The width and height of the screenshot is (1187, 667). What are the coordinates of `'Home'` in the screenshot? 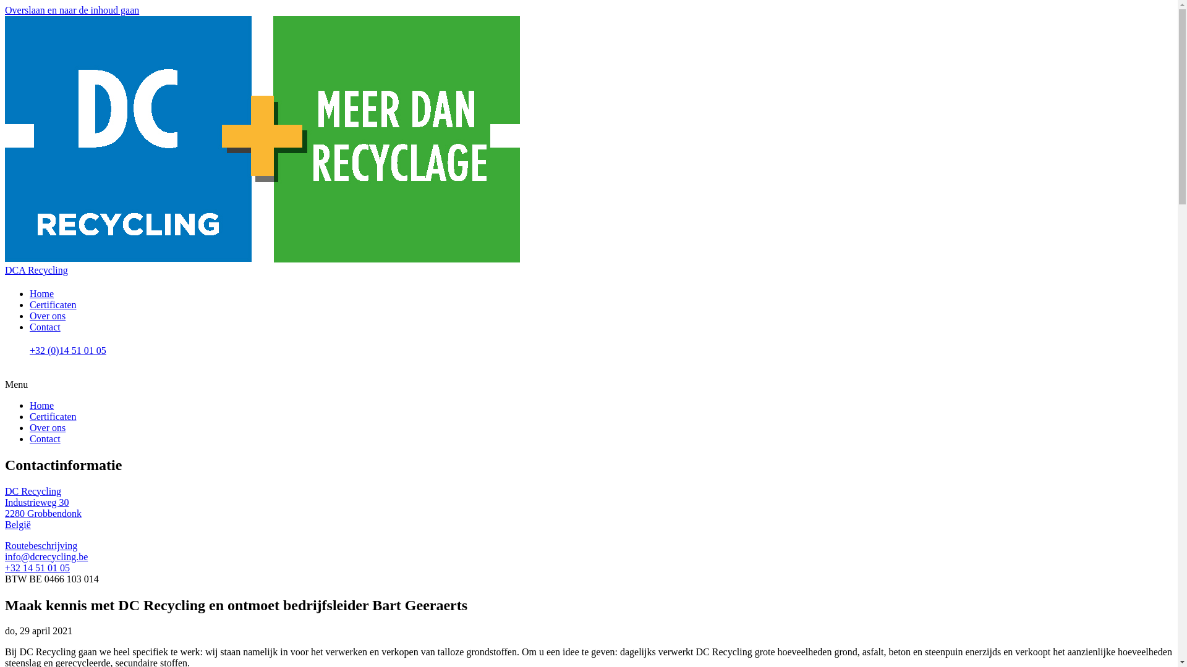 It's located at (41, 405).